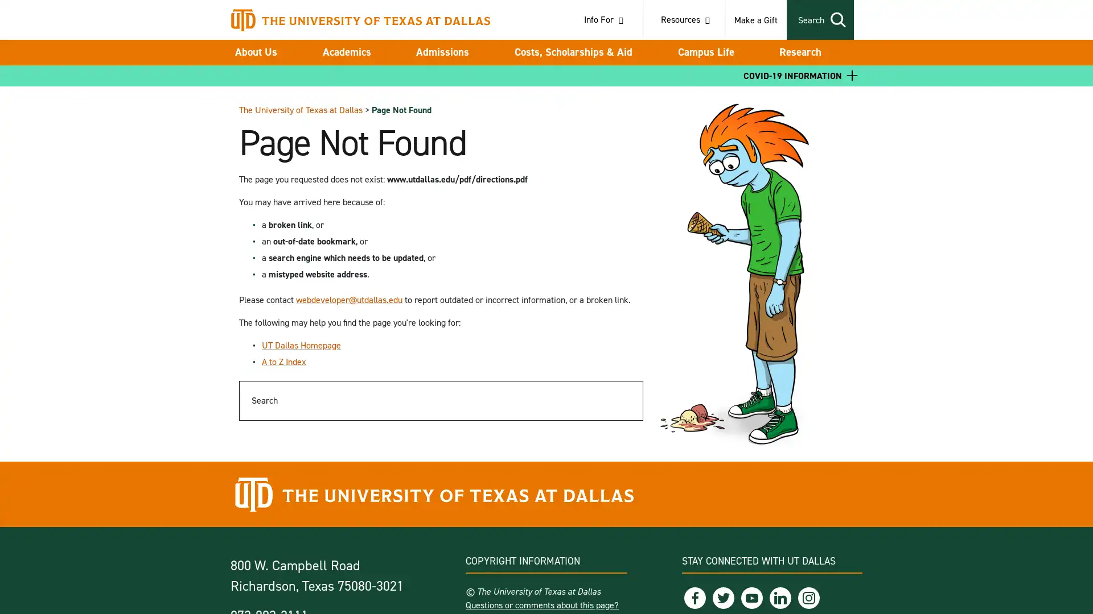  What do you see at coordinates (852, 75) in the screenshot?
I see `open urgent message` at bounding box center [852, 75].